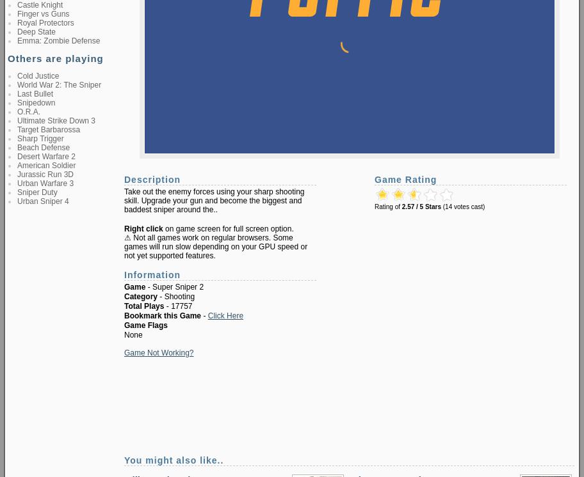 This screenshot has width=584, height=477. I want to click on 'Others are playing', so click(55, 58).